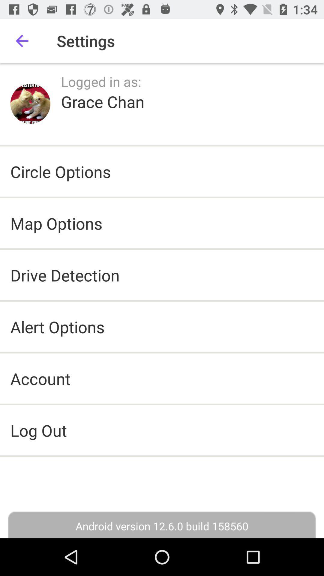 This screenshot has width=324, height=576. I want to click on alert options, so click(57, 326).